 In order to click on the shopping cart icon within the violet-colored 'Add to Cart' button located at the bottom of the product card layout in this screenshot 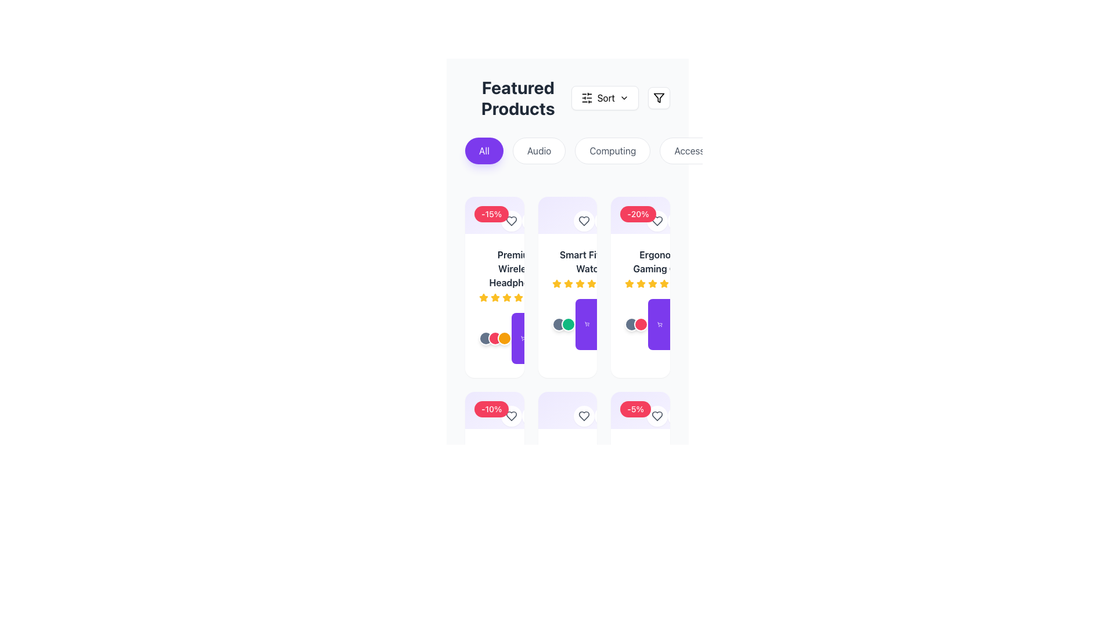, I will do `click(587, 325)`.